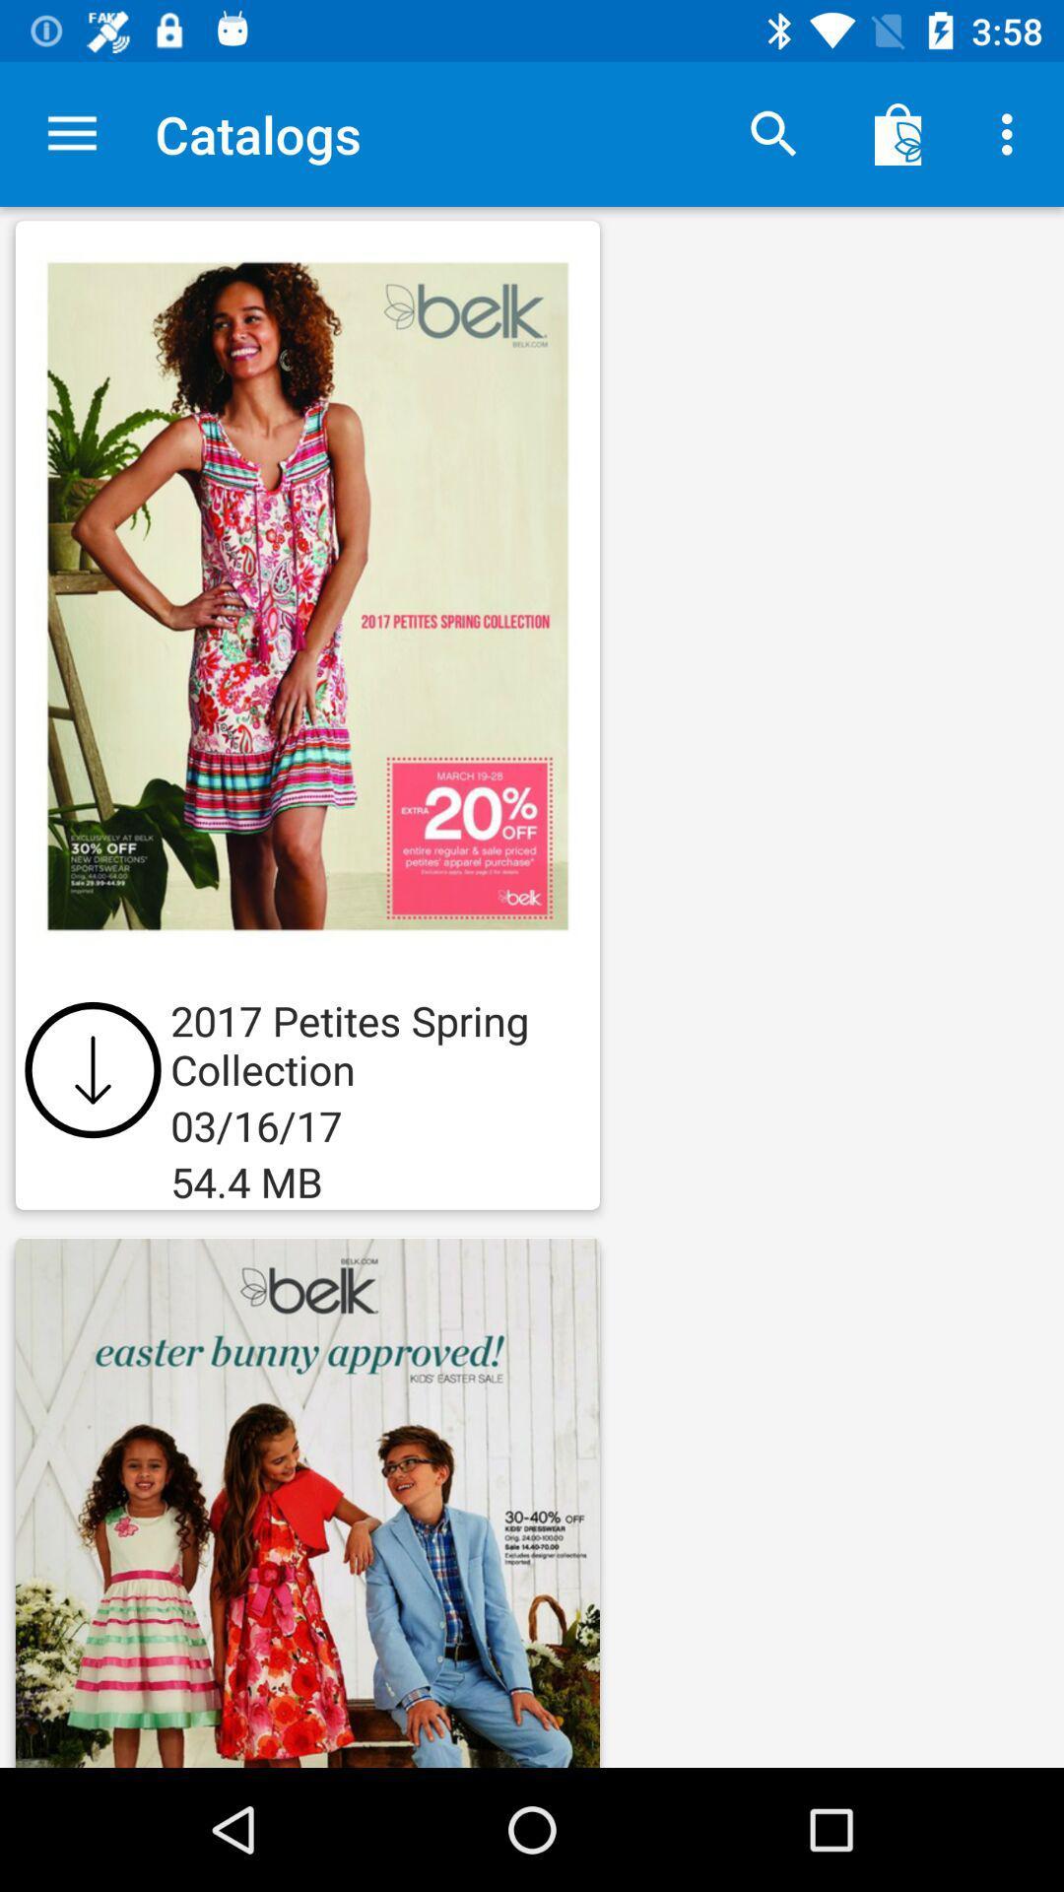  I want to click on the icon above the 54.4 mb item, so click(93, 1068).